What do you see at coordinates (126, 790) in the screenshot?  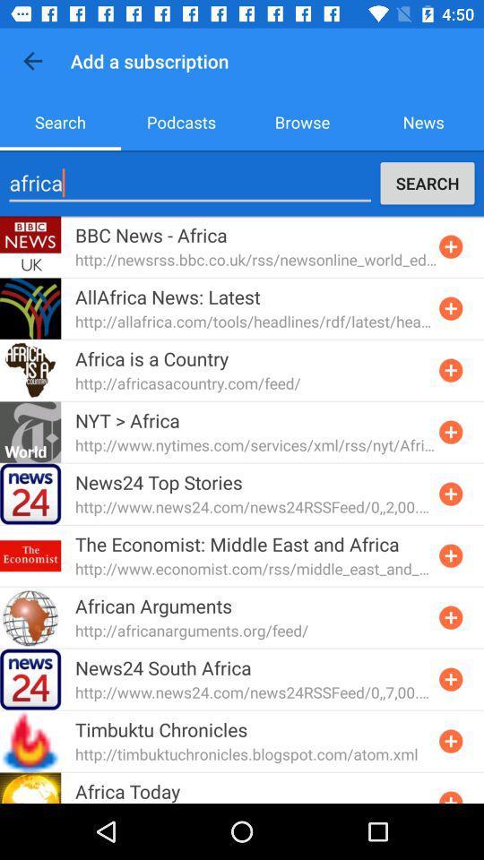 I see `africa today` at bounding box center [126, 790].